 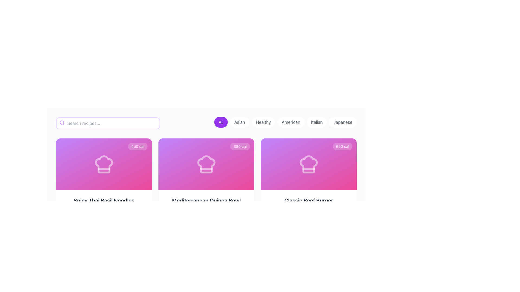 I want to click on the button displaying 'Healthy', so click(x=263, y=122).